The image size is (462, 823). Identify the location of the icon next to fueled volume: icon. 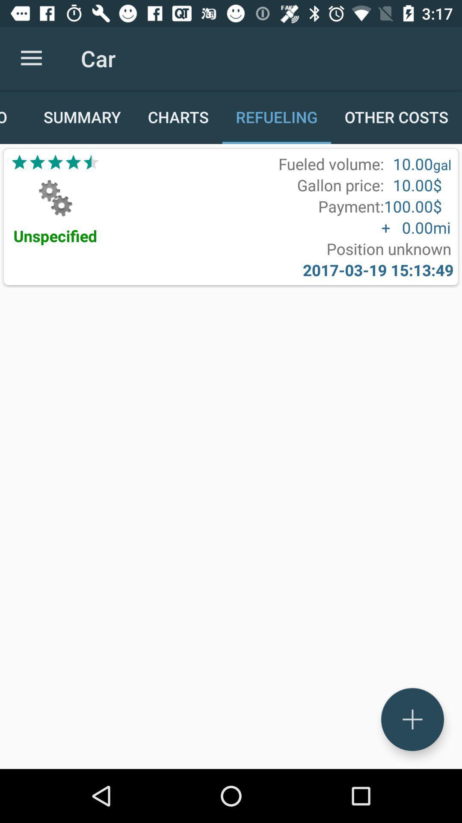
(55, 162).